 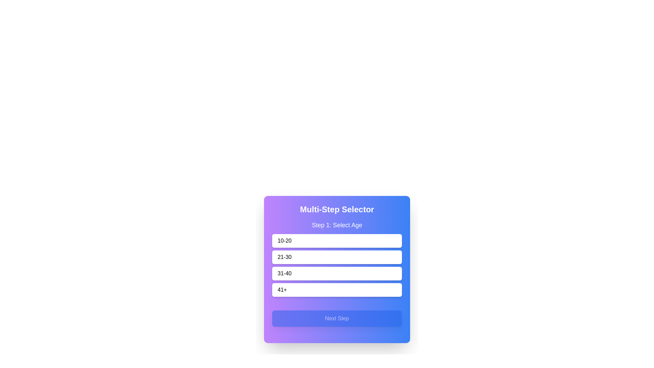 What do you see at coordinates (284, 257) in the screenshot?
I see `the text label displaying '21-30' within the second selectable card in the vertical stack of age ranges` at bounding box center [284, 257].